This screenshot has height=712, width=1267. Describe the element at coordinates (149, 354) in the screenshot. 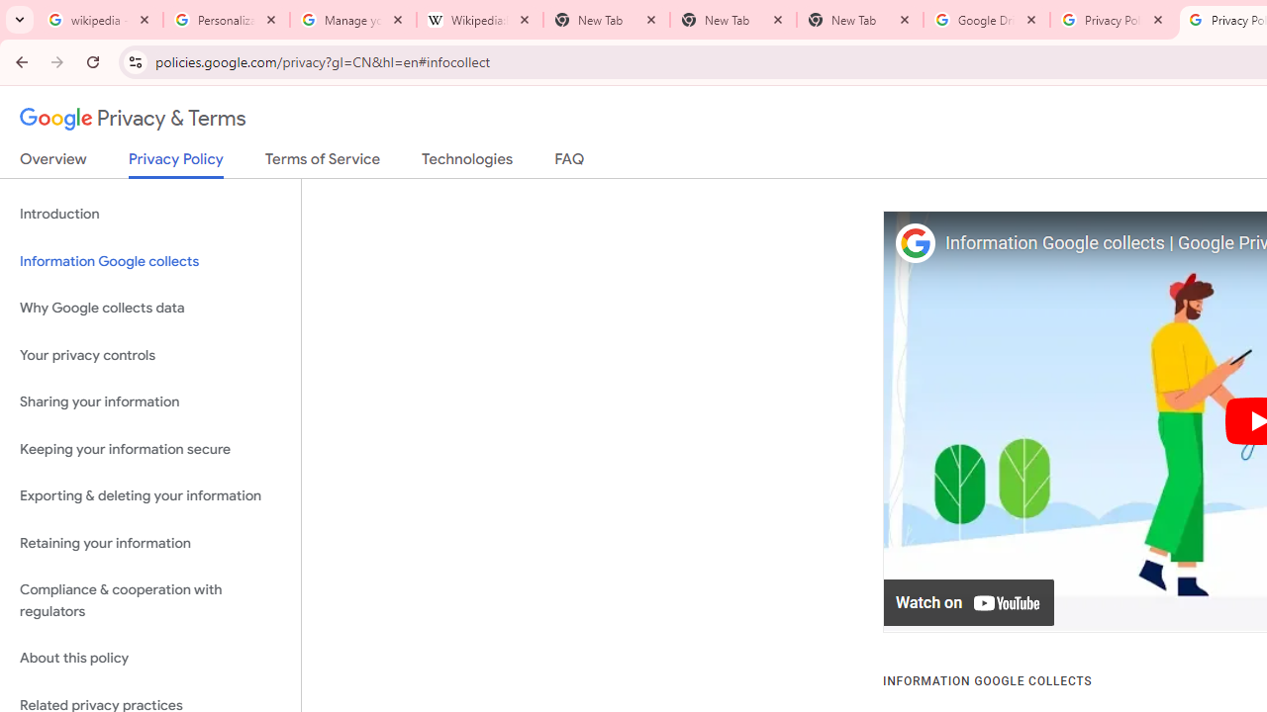

I see `'Your privacy controls'` at that location.